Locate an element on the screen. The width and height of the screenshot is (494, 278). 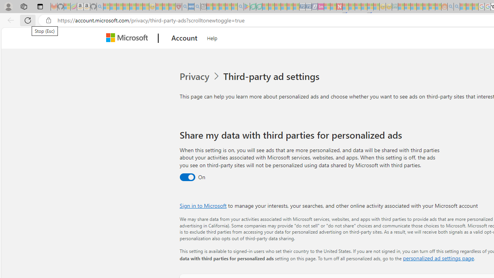
'Cheap Hotels - Save70.com - Sleeping' is located at coordinates (309, 7).